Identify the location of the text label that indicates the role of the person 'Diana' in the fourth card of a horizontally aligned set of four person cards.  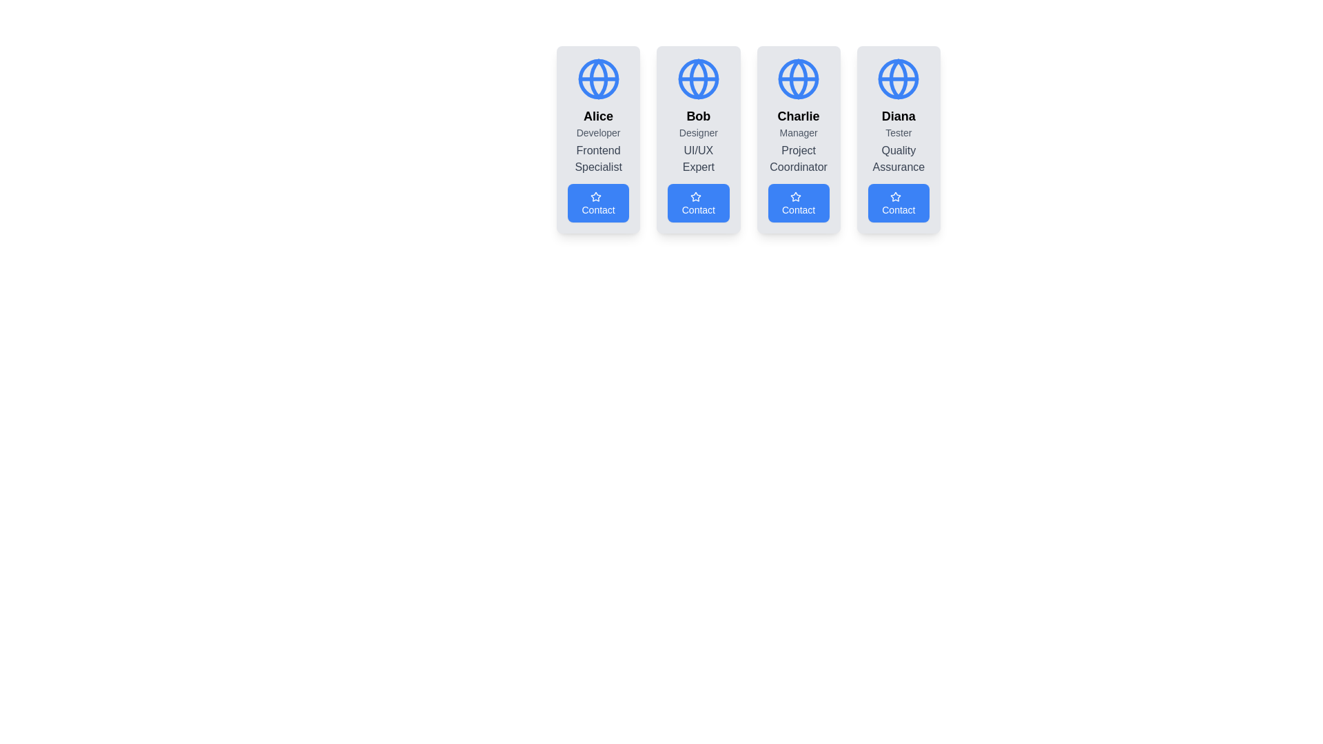
(899, 132).